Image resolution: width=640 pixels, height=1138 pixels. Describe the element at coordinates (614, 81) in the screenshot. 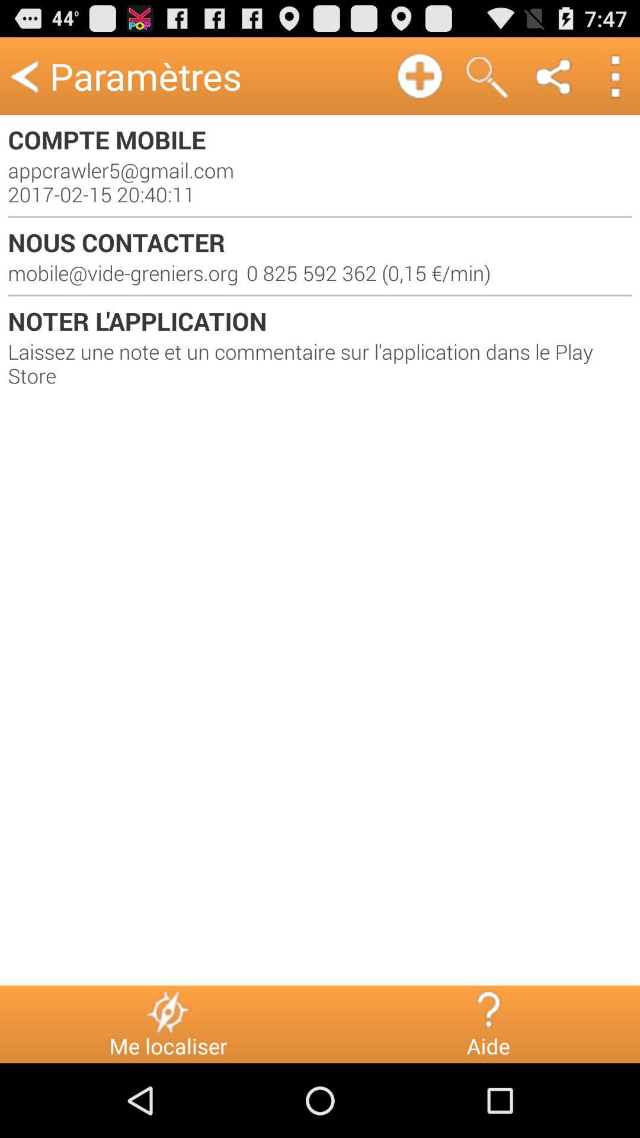

I see `the more icon` at that location.